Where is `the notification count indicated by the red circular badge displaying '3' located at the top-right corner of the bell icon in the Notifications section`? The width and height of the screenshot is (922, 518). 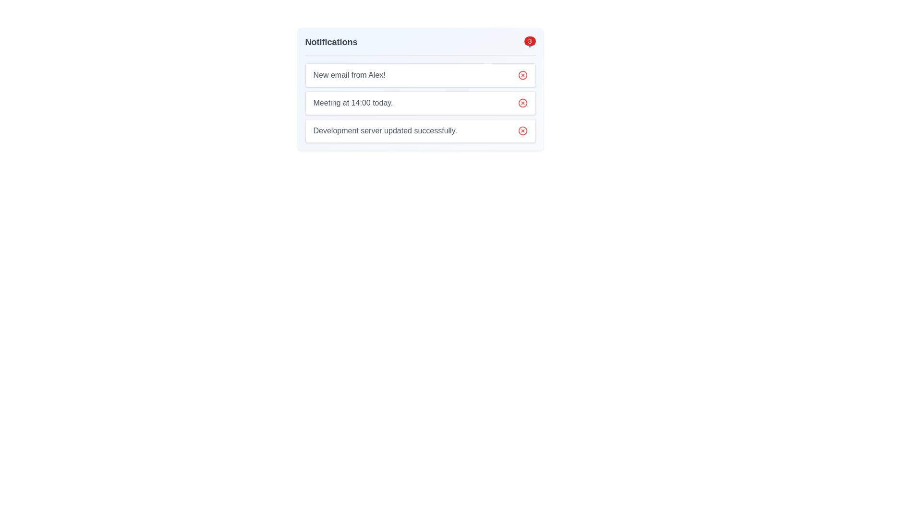
the notification count indicated by the red circular badge displaying '3' located at the top-right corner of the bell icon in the Notifications section is located at coordinates (529, 42).